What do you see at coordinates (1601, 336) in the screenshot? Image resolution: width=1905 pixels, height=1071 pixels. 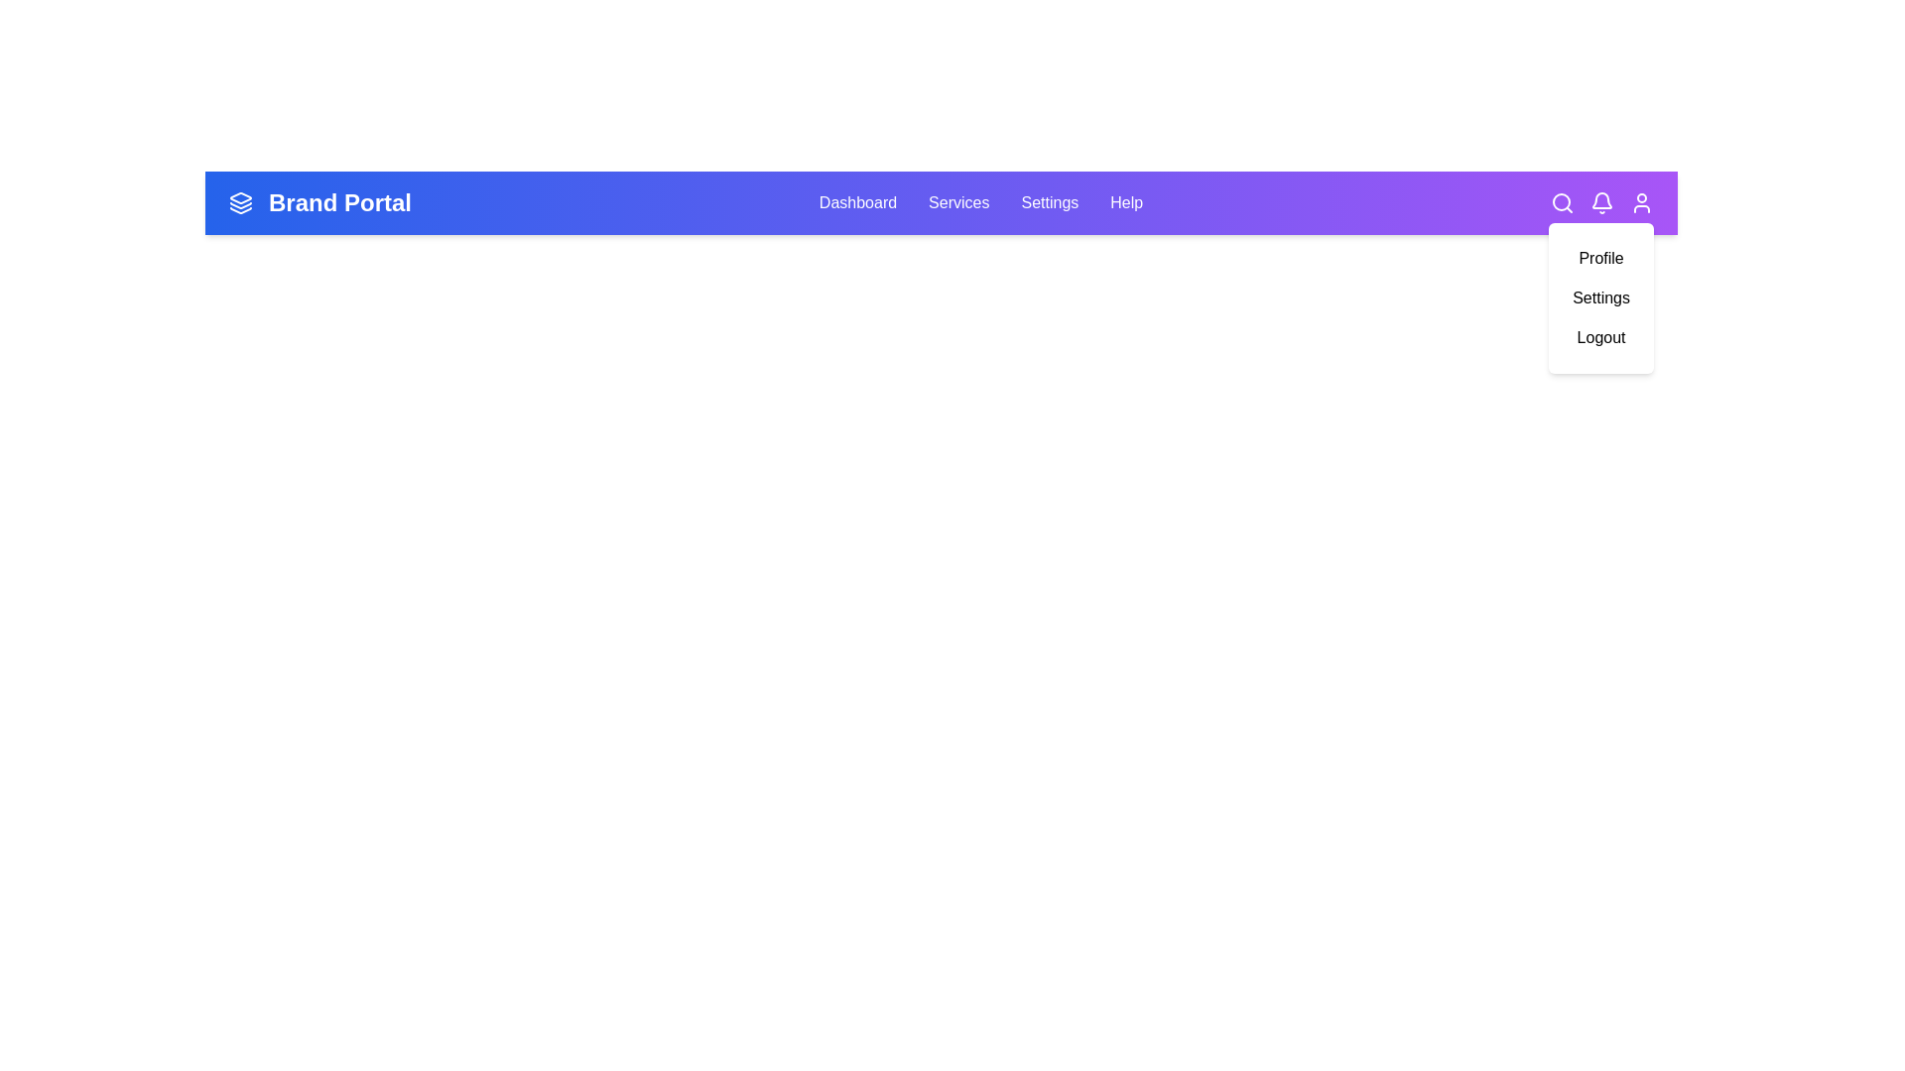 I see `the 'Logout' button in the dropdown menu` at bounding box center [1601, 336].